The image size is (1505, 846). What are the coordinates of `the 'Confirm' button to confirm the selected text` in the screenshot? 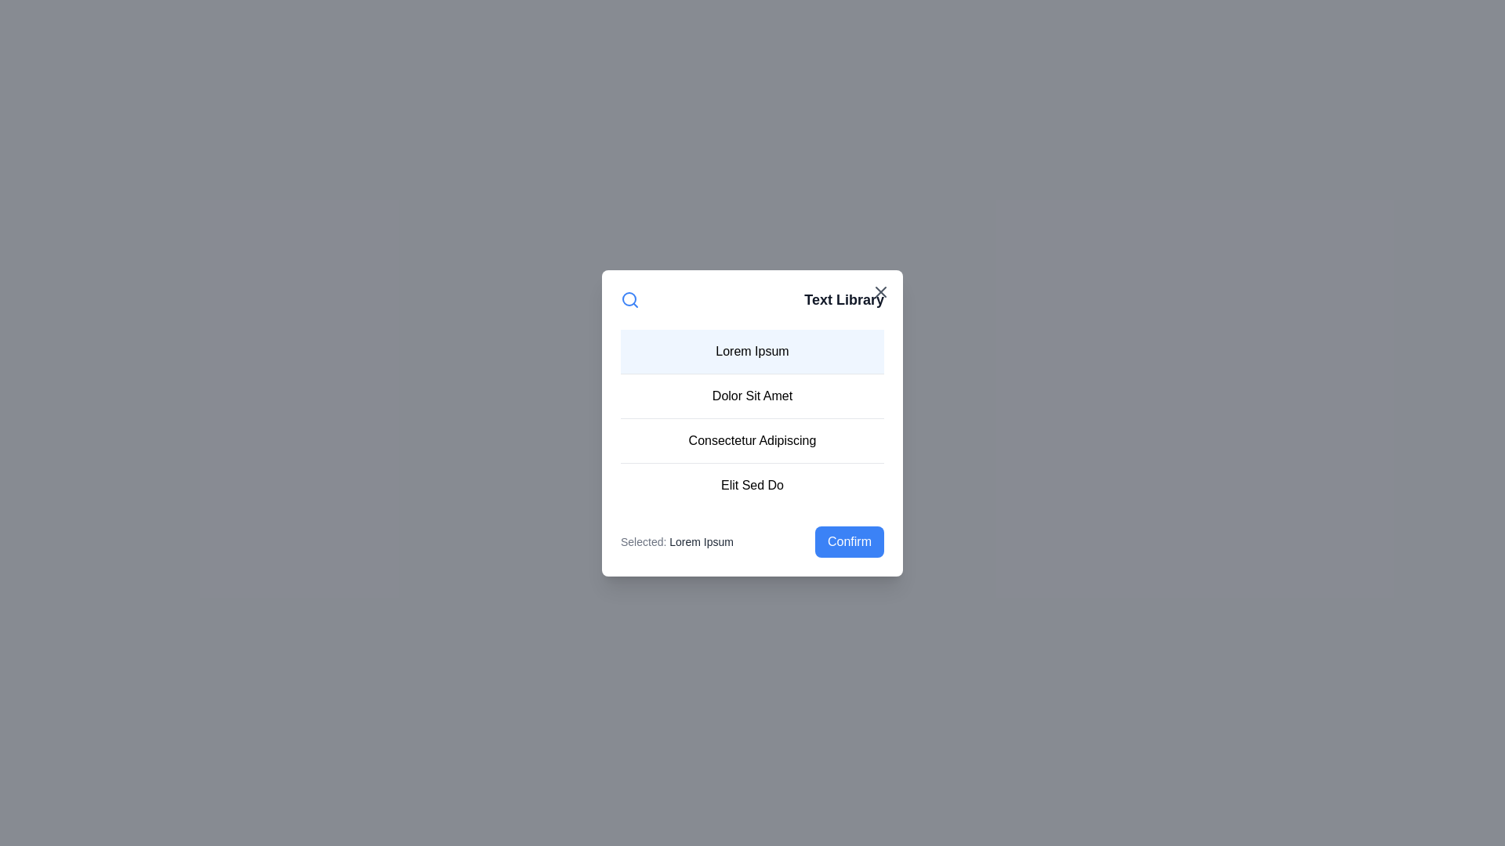 It's located at (849, 540).